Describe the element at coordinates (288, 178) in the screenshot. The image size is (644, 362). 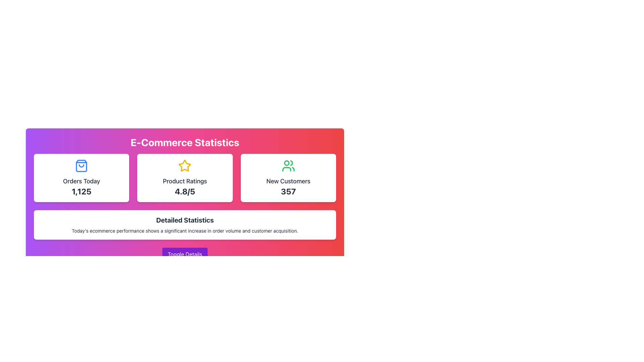
I see `the 'New Customers' metric card, which displays a value of '357' and is the third card in a row of three on the dashboard` at that location.